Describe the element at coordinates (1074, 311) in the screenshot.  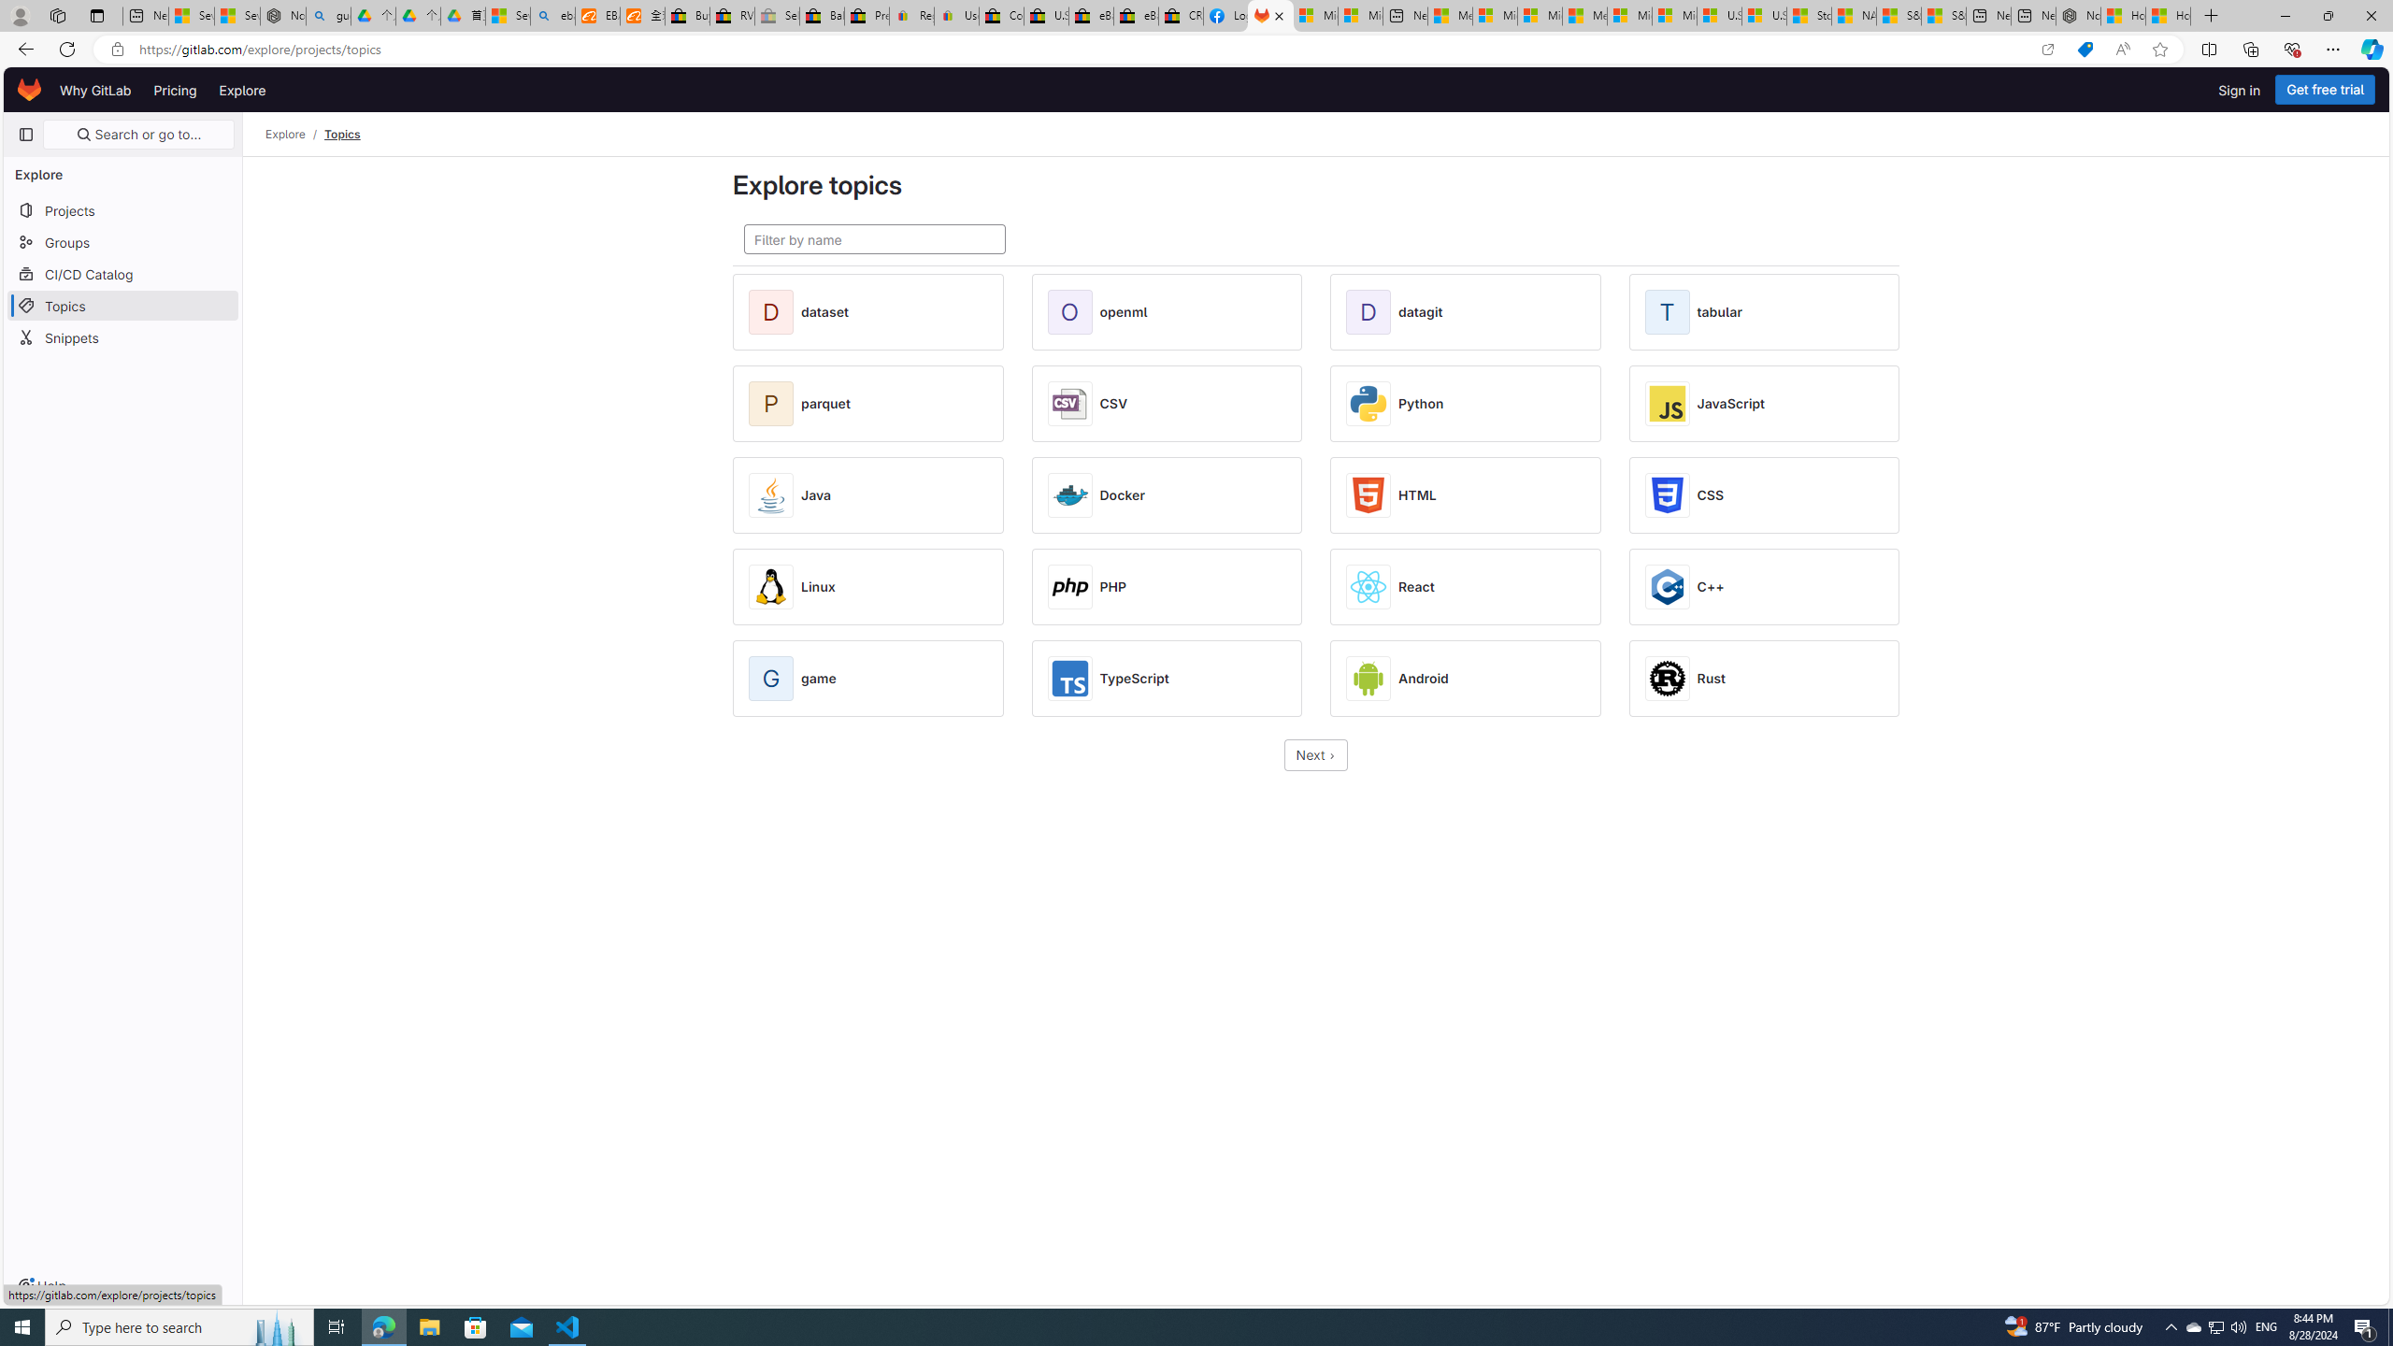
I see `'O'` at that location.